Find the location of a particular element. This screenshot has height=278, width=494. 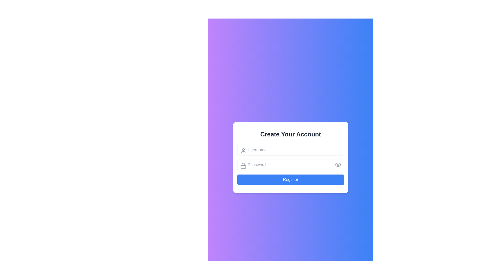

the lower rectangular portion of the lock icon next to the 'Password' input field is located at coordinates (243, 167).